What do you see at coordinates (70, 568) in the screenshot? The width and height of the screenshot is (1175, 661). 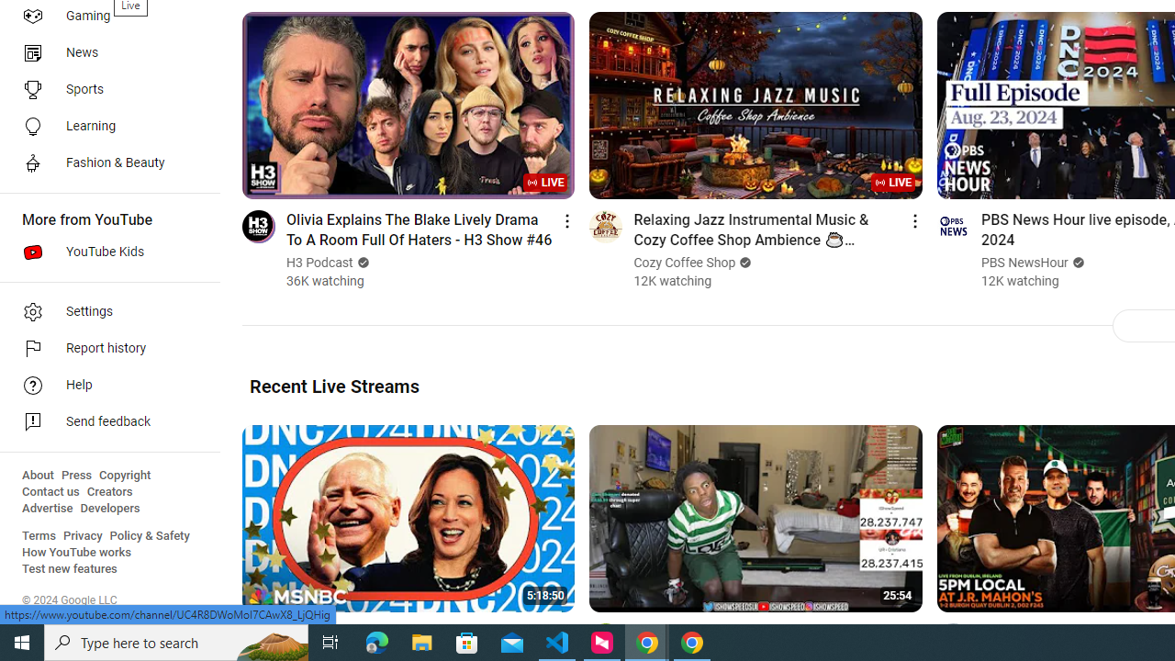 I see `'Test new features'` at bounding box center [70, 568].